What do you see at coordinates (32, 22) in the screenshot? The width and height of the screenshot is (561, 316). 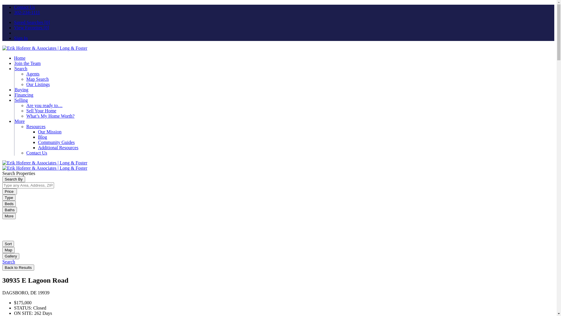 I see `'Saved Searches [0]'` at bounding box center [32, 22].